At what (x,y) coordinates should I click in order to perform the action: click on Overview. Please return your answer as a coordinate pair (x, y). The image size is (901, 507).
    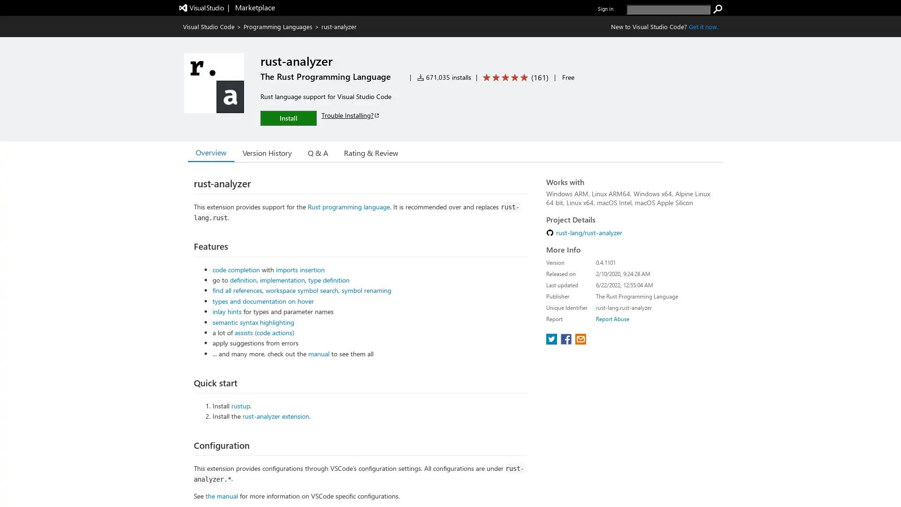
    Looking at the image, I should click on (211, 152).